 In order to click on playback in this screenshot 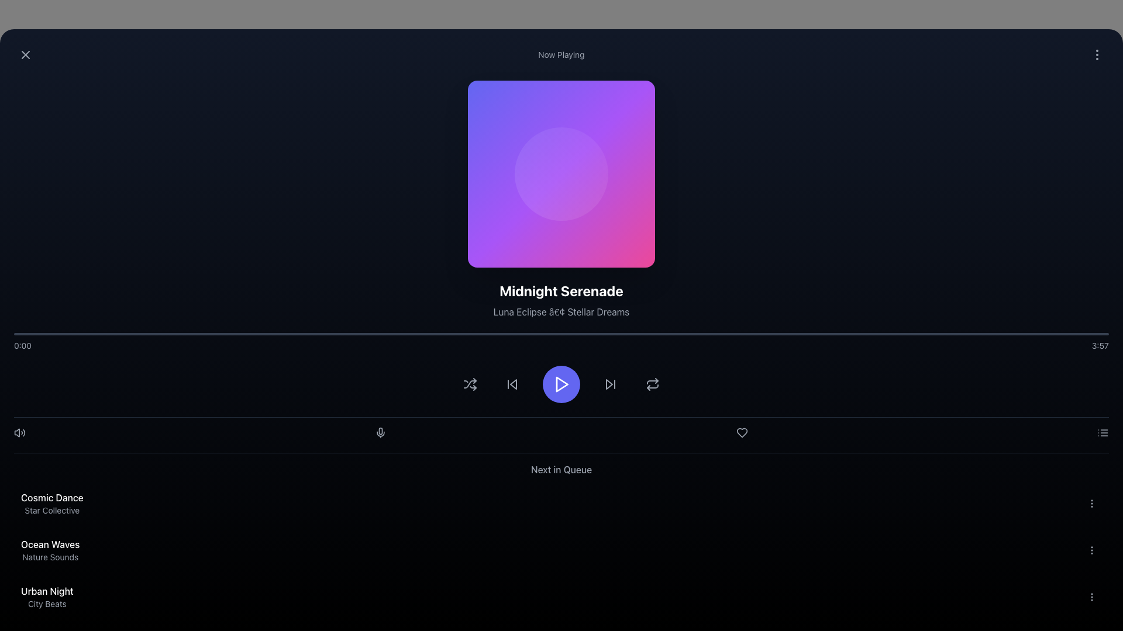, I will do `click(129, 334)`.